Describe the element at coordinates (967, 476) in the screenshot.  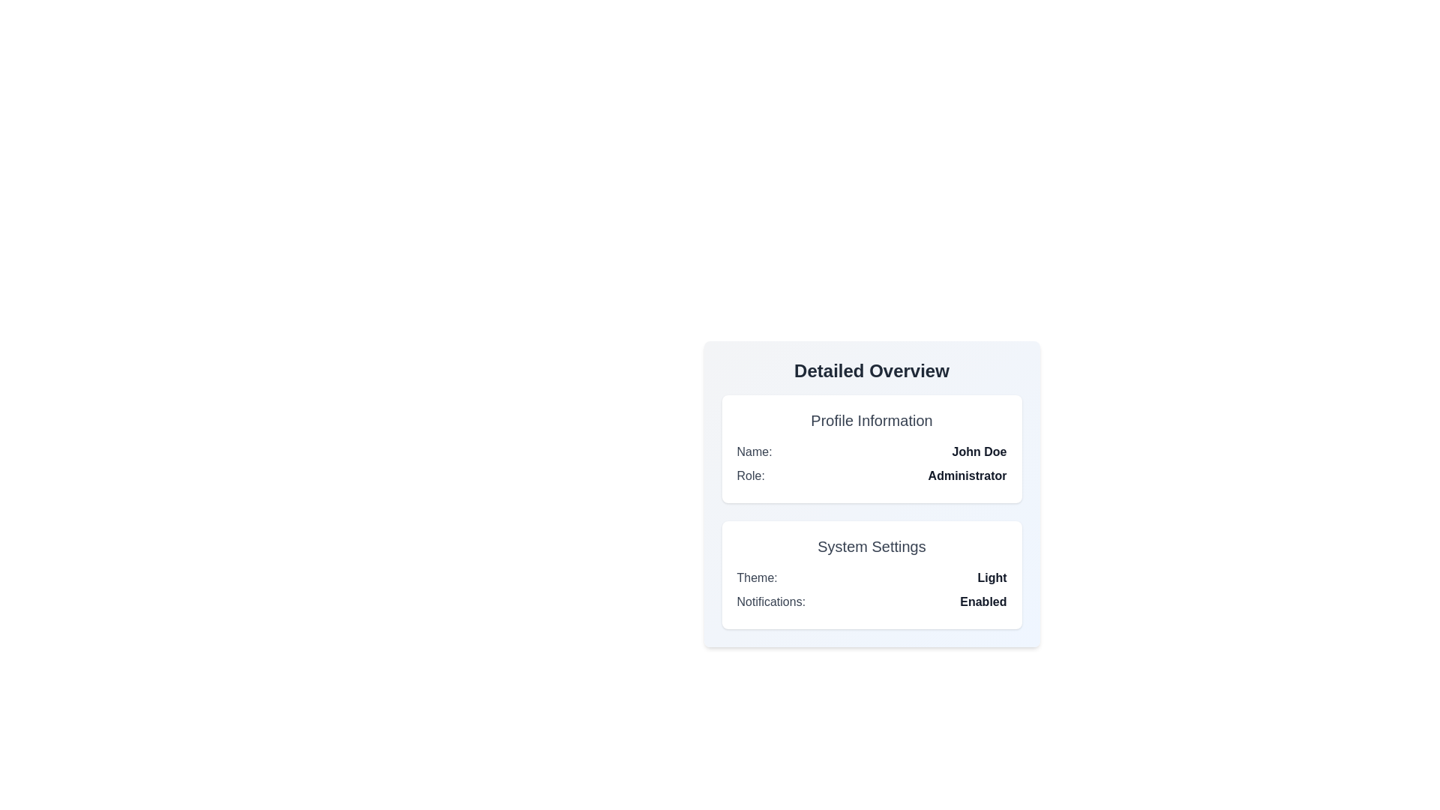
I see `the 'Administrator' text label, which is in bold dark gray font and located in the 'Role:' section` at that location.